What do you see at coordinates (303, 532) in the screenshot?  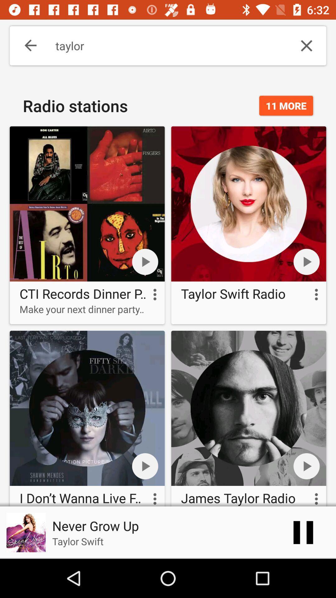 I see `the pause icon` at bounding box center [303, 532].